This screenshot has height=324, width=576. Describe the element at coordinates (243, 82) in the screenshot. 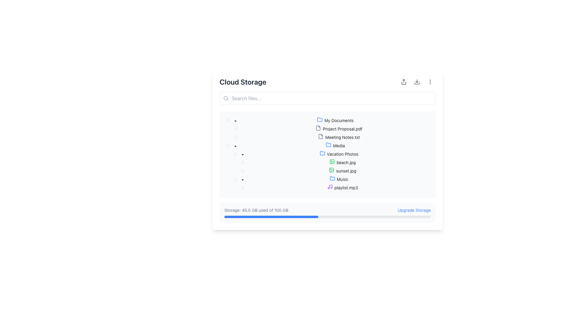

I see `the 'Cloud Storage' header text label, which indicates the current section of the application` at that location.